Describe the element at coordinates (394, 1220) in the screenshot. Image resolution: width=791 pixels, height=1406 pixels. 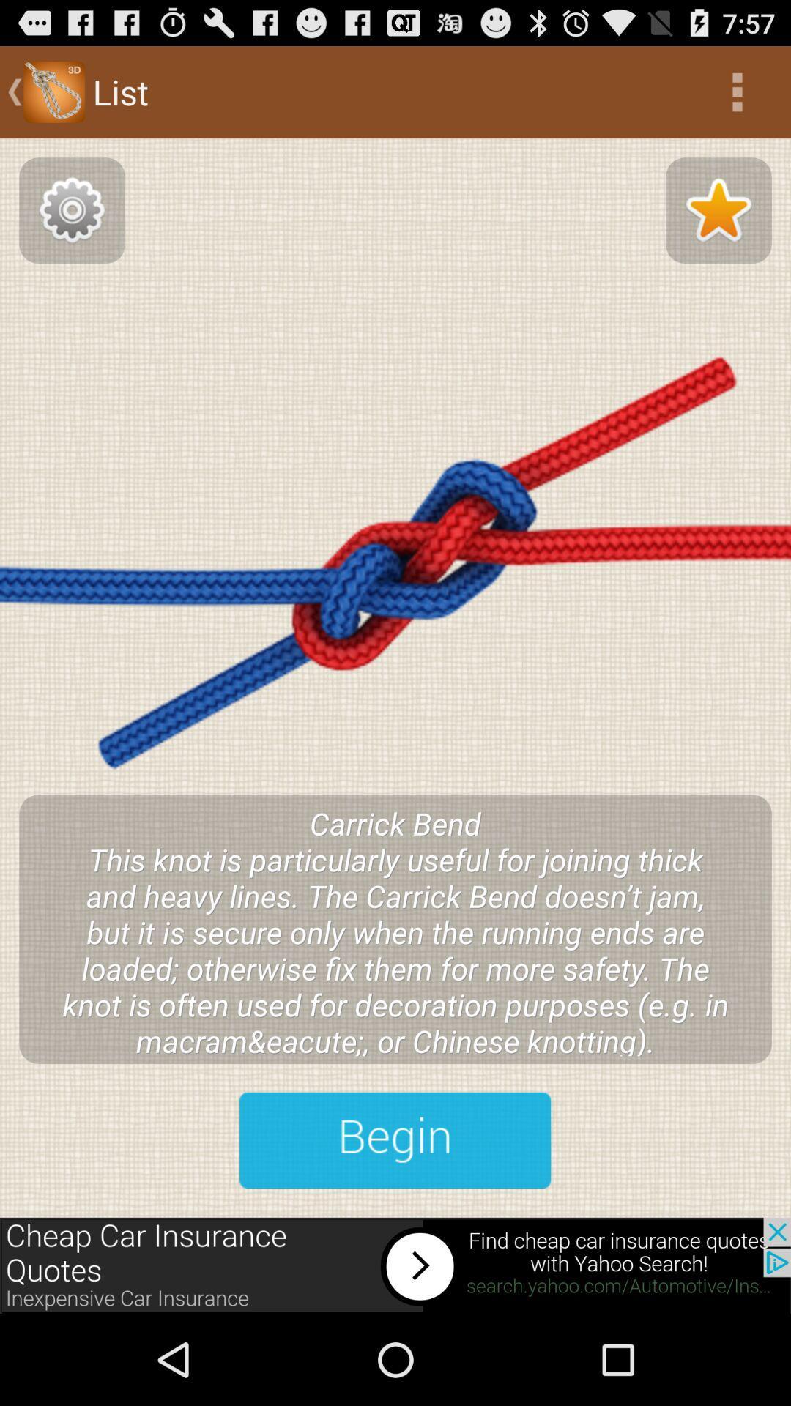
I see `the sliders icon` at that location.